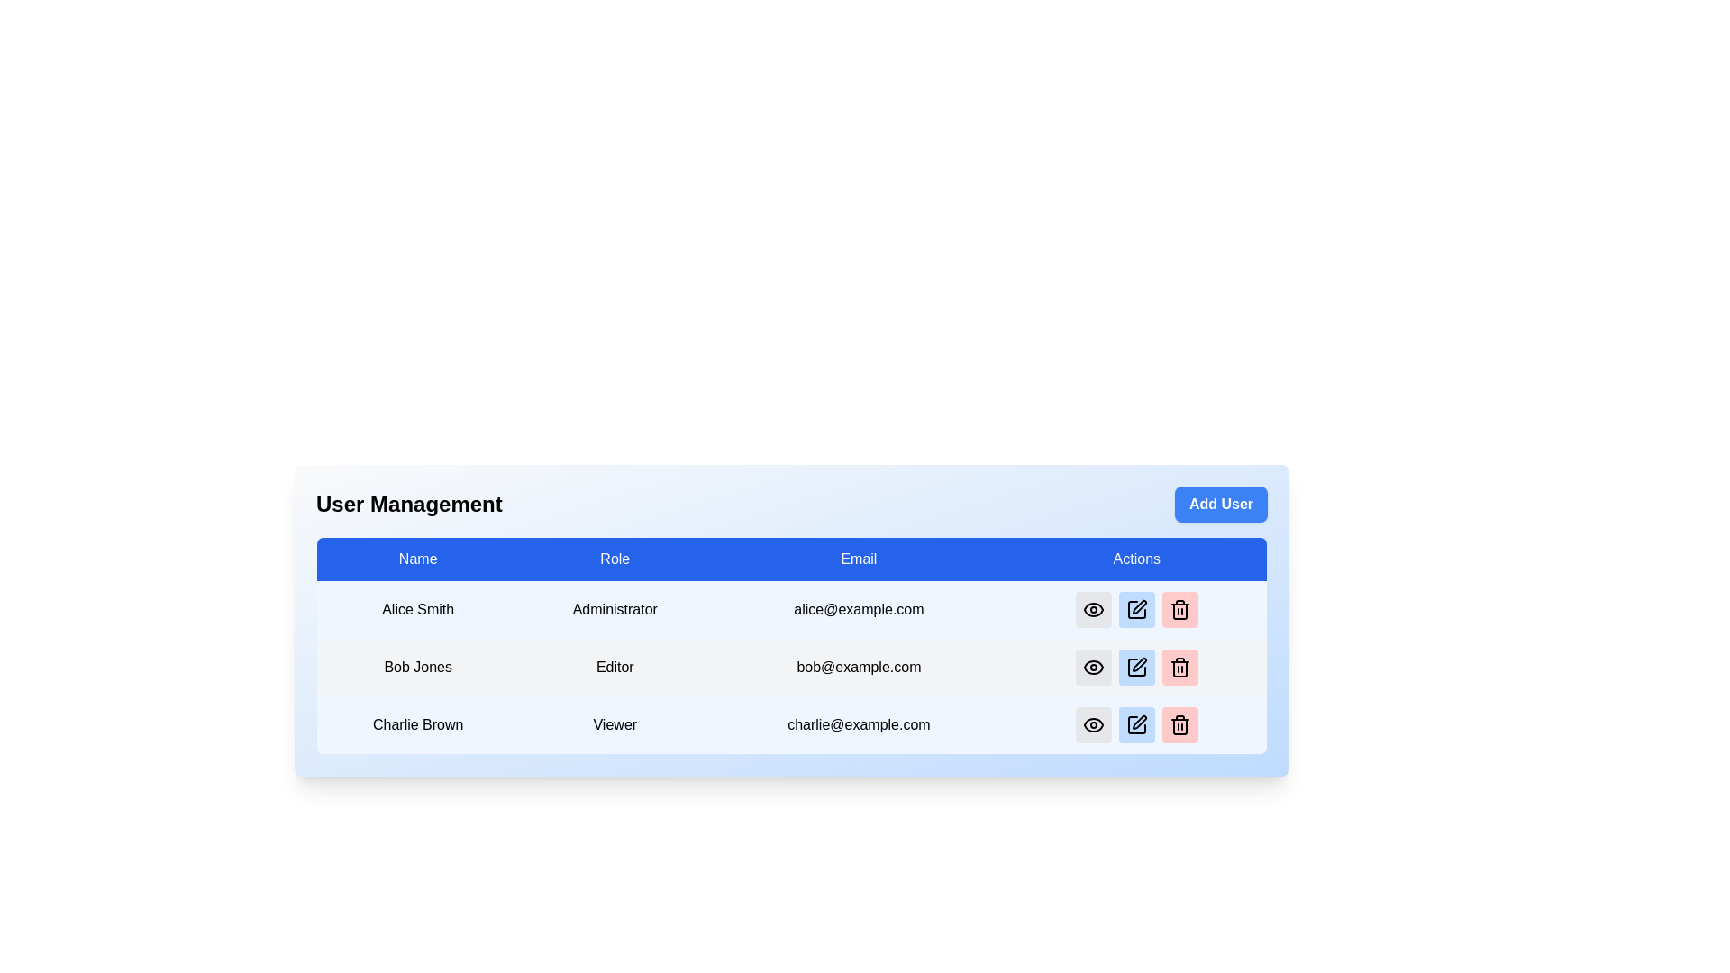 This screenshot has width=1730, height=973. What do you see at coordinates (416, 724) in the screenshot?
I see `the text 'Charlie Brown' displayed in black within the third row of the table under the 'Name' column` at bounding box center [416, 724].